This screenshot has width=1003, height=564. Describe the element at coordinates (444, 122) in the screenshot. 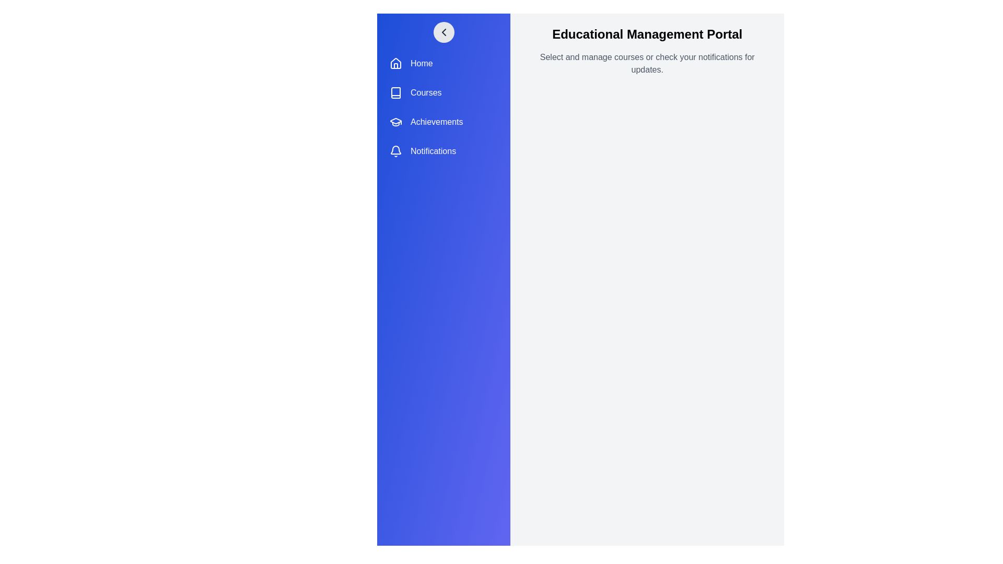

I see `the menu item labeled Achievements` at that location.